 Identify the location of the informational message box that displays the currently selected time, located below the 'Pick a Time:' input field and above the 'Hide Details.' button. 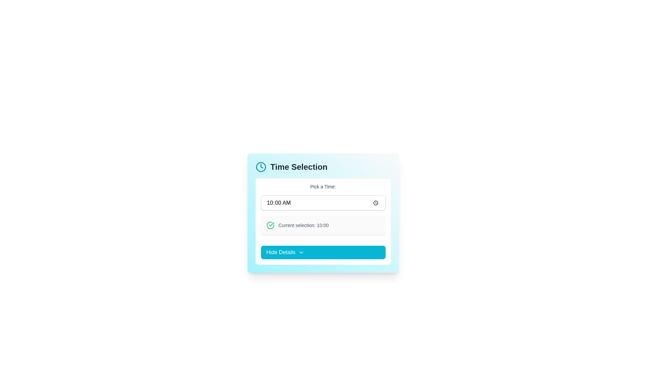
(323, 225).